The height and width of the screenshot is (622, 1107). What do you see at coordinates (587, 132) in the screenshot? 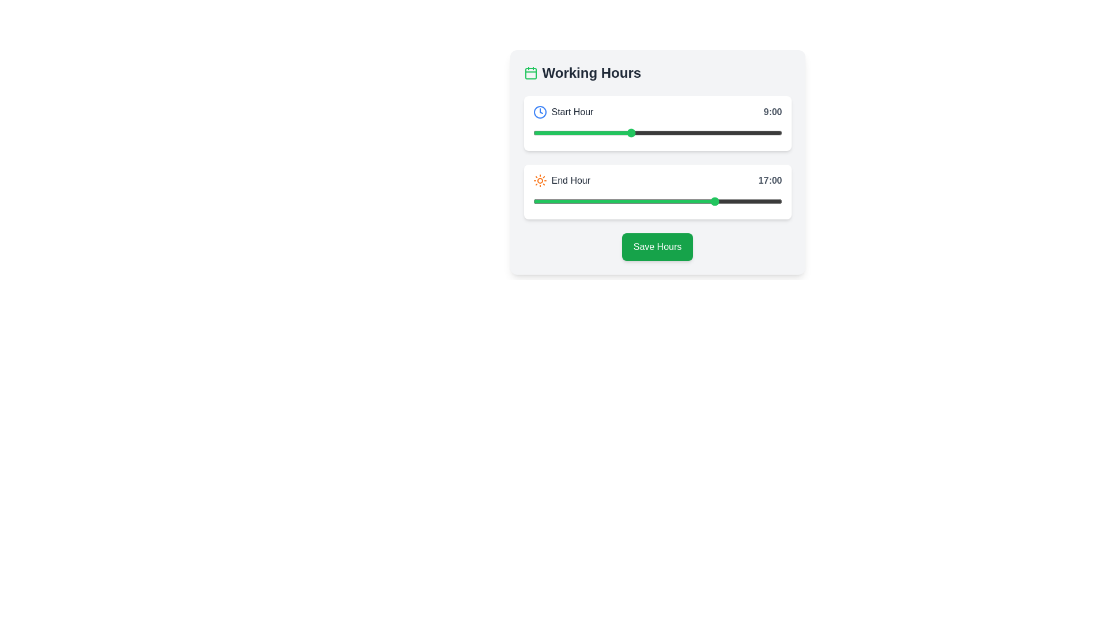
I see `the start hour` at bounding box center [587, 132].